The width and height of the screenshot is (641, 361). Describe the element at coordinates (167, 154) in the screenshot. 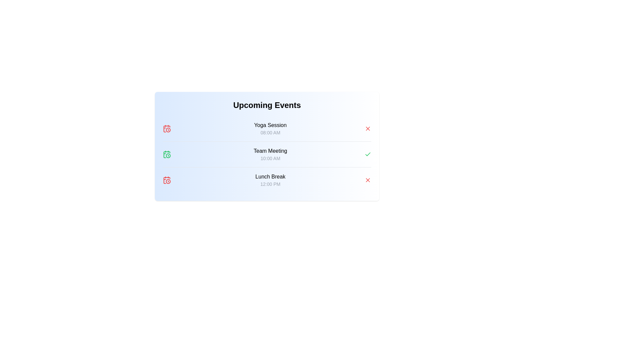

I see `the 'Team Meeting' event icon located to the left of the text displaying 'Team Meeting' and '10:00 AM' in the events list` at that location.